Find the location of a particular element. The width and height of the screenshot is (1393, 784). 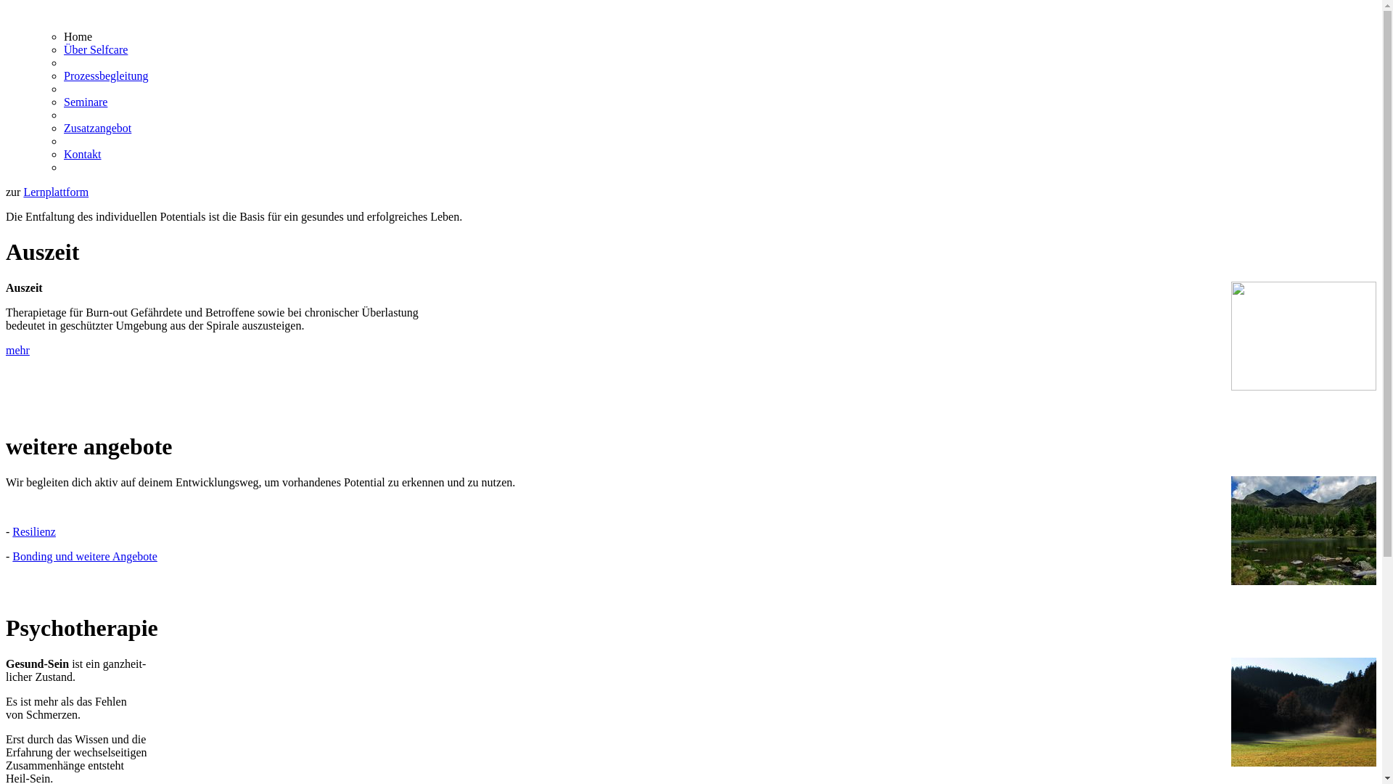

'Kontakt' is located at coordinates (62, 154).